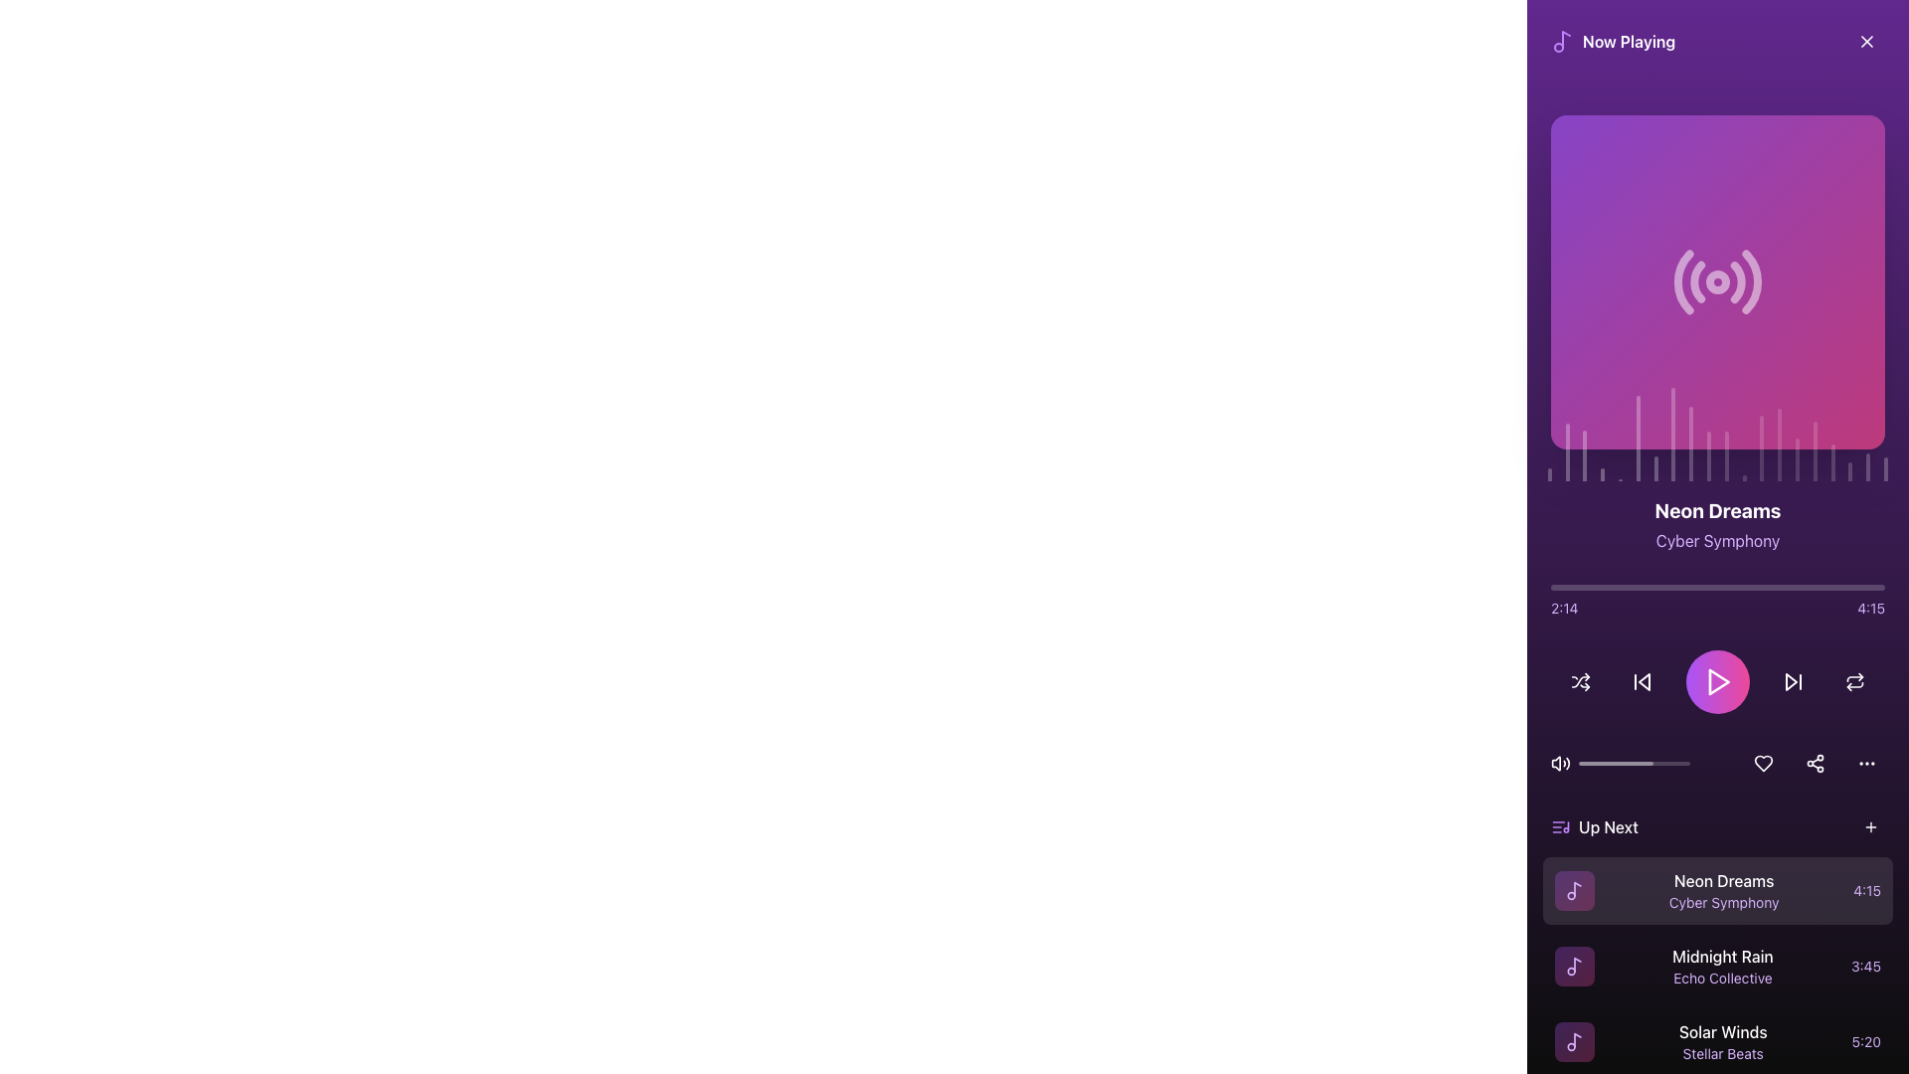 The image size is (1909, 1074). Describe the element at coordinates (1869, 827) in the screenshot. I see `the '+' button in the 'Up Next' section, which is used to add items to the queue or playlist` at that location.